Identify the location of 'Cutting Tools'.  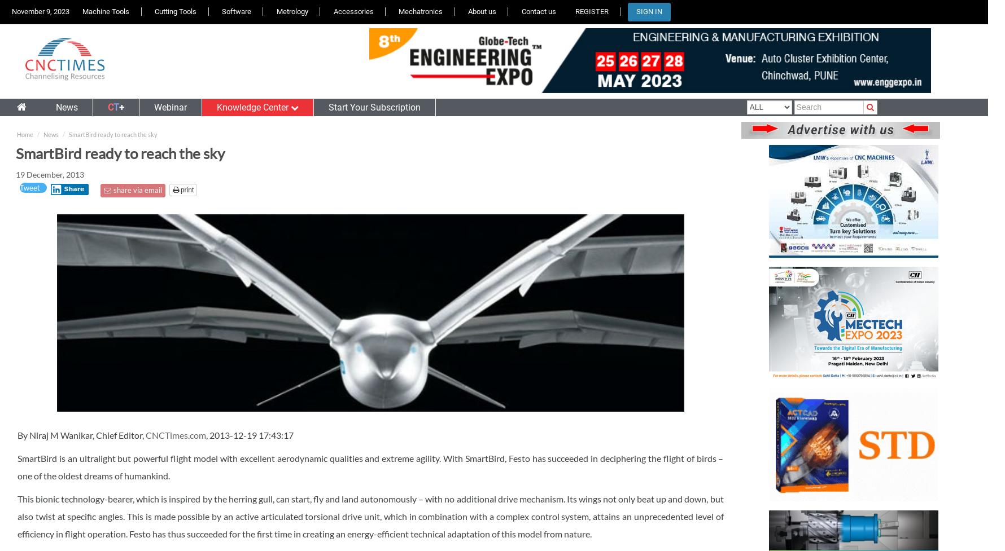
(175, 11).